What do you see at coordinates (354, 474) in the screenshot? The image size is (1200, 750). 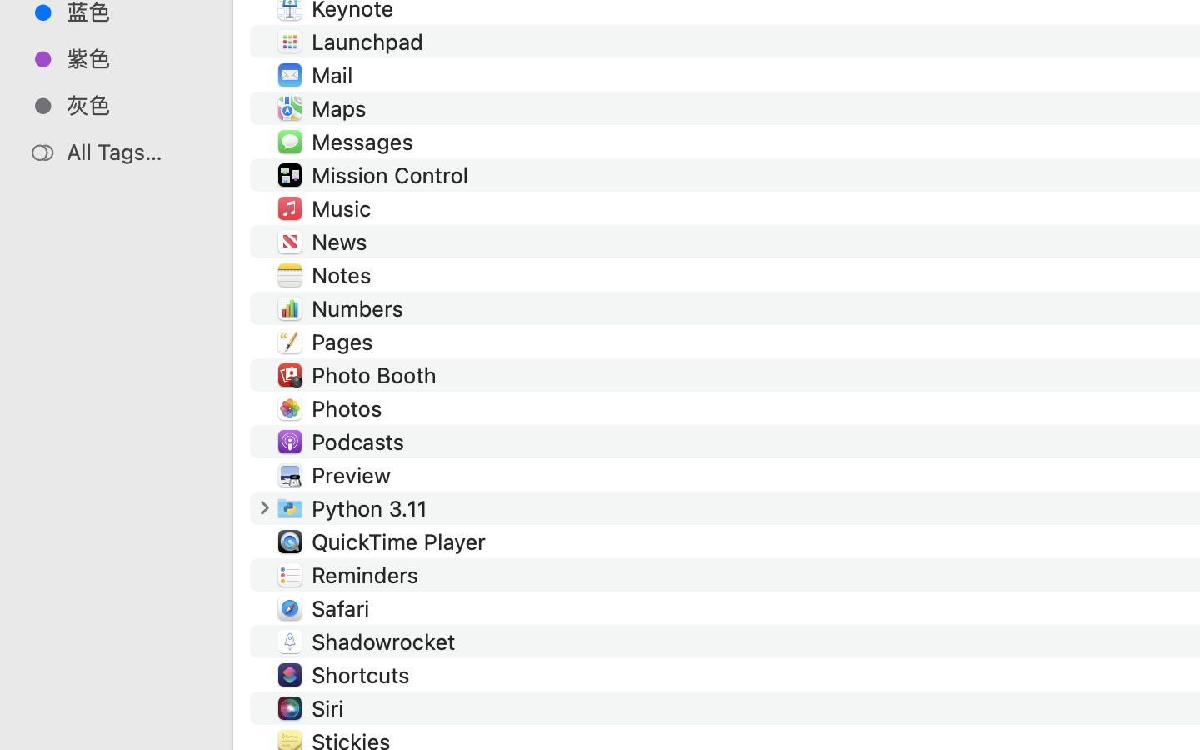 I see `'Preview'` at bounding box center [354, 474].